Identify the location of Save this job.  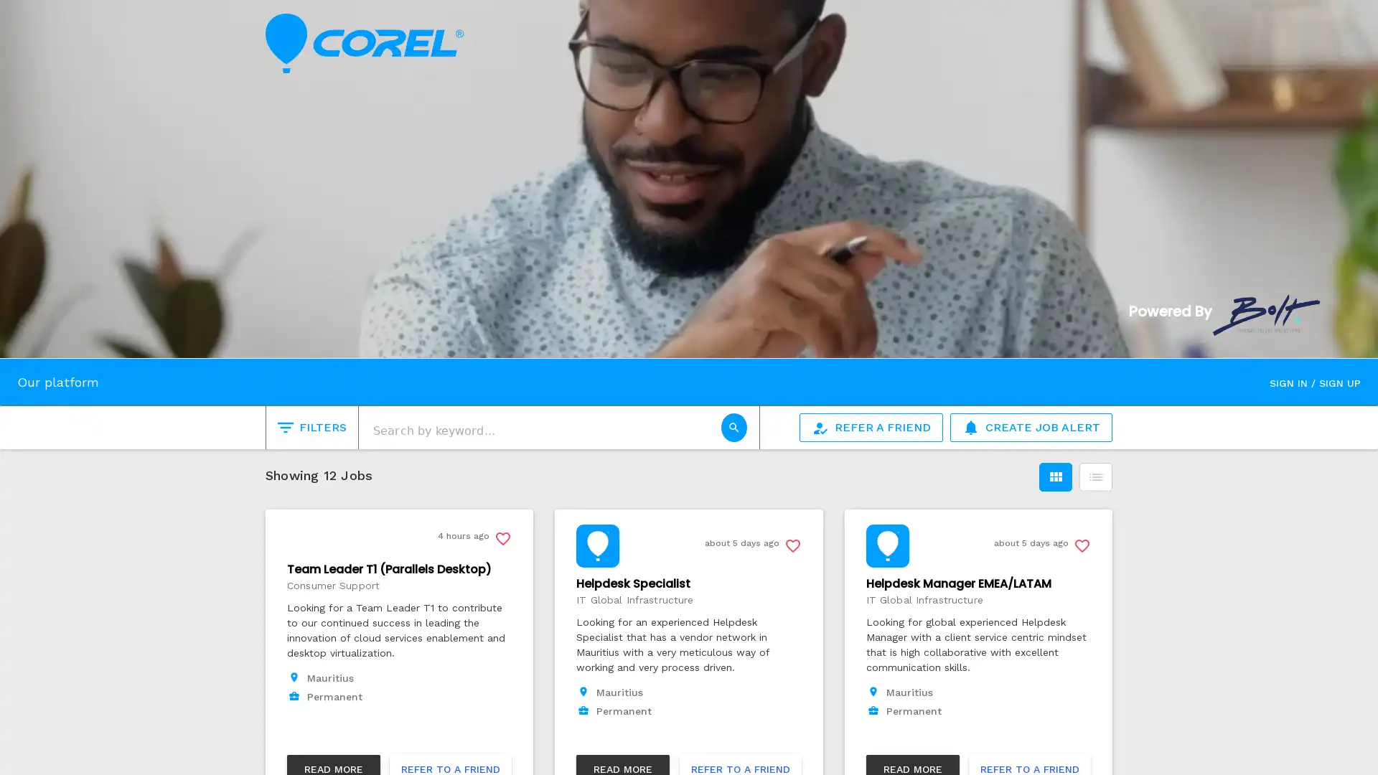
(506, 539).